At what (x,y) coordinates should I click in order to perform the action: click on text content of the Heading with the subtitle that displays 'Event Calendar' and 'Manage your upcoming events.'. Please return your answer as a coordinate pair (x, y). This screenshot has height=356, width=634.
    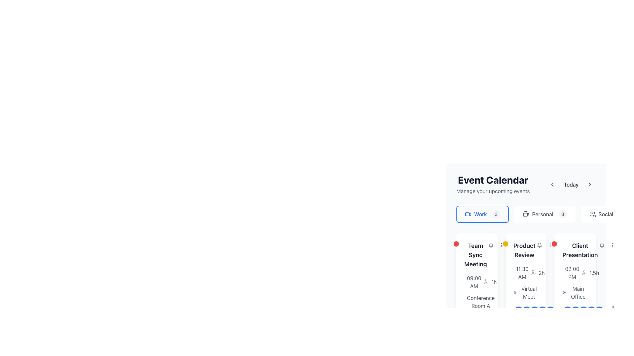
    Looking at the image, I should click on (493, 184).